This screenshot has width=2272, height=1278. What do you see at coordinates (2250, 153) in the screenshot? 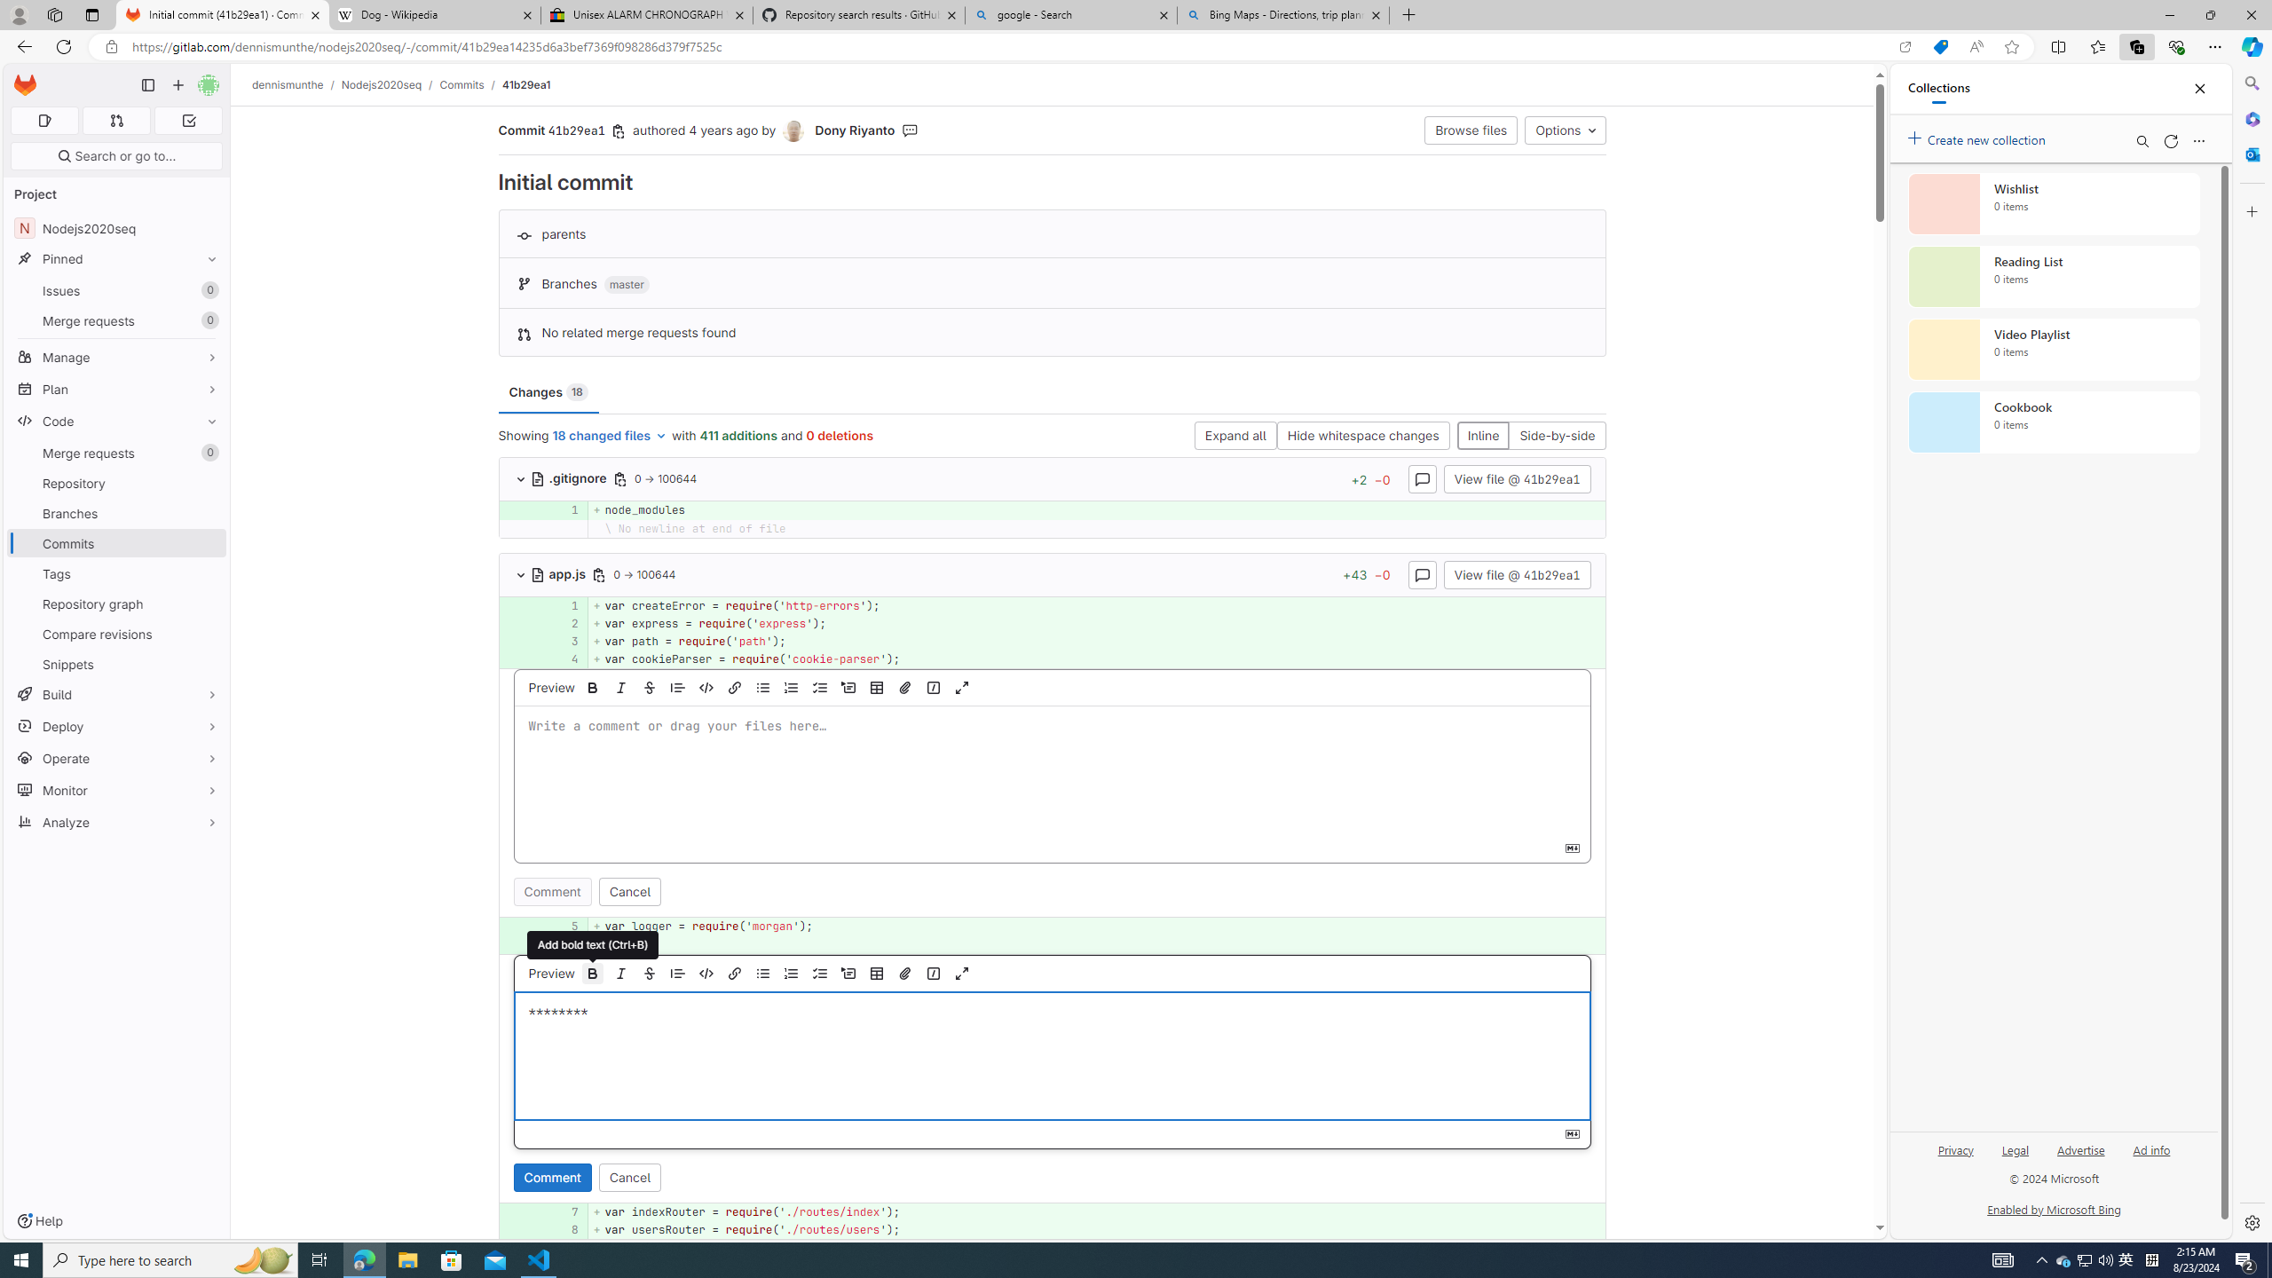
I see `'Outlook'` at bounding box center [2250, 153].